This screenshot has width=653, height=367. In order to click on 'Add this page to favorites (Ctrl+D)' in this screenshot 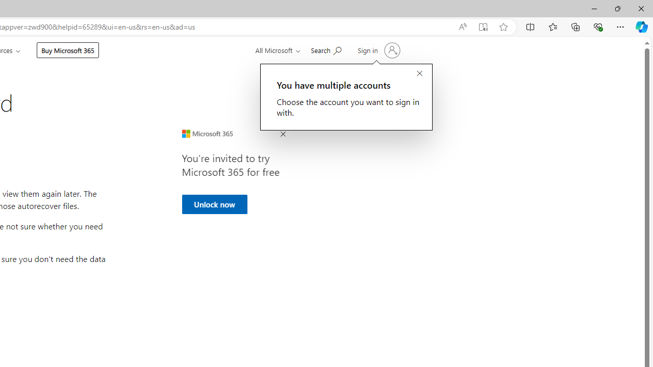, I will do `click(503, 27)`.